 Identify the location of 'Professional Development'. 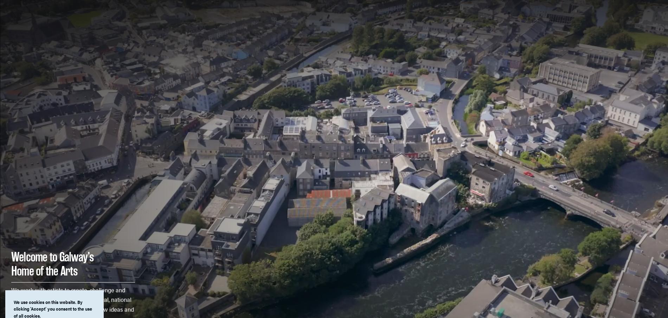
(510, 31).